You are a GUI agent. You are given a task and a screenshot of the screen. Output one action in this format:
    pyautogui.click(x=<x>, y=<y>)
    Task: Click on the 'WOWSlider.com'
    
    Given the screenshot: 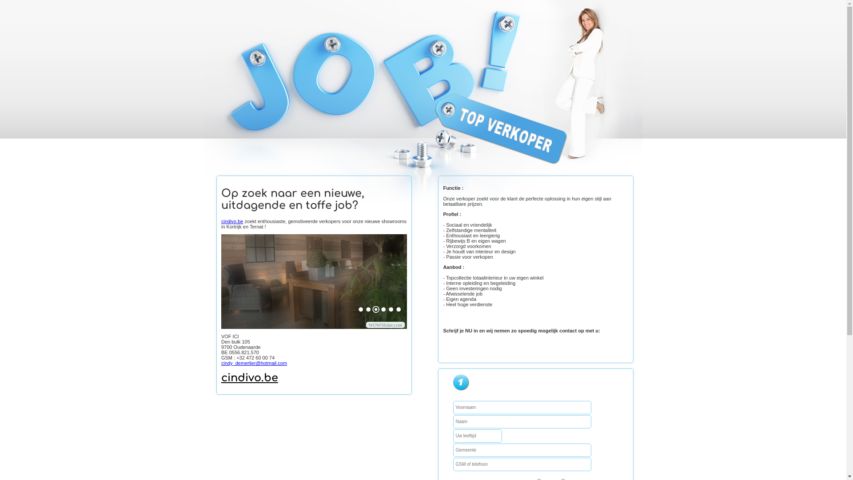 What is the action you would take?
    pyautogui.click(x=385, y=325)
    